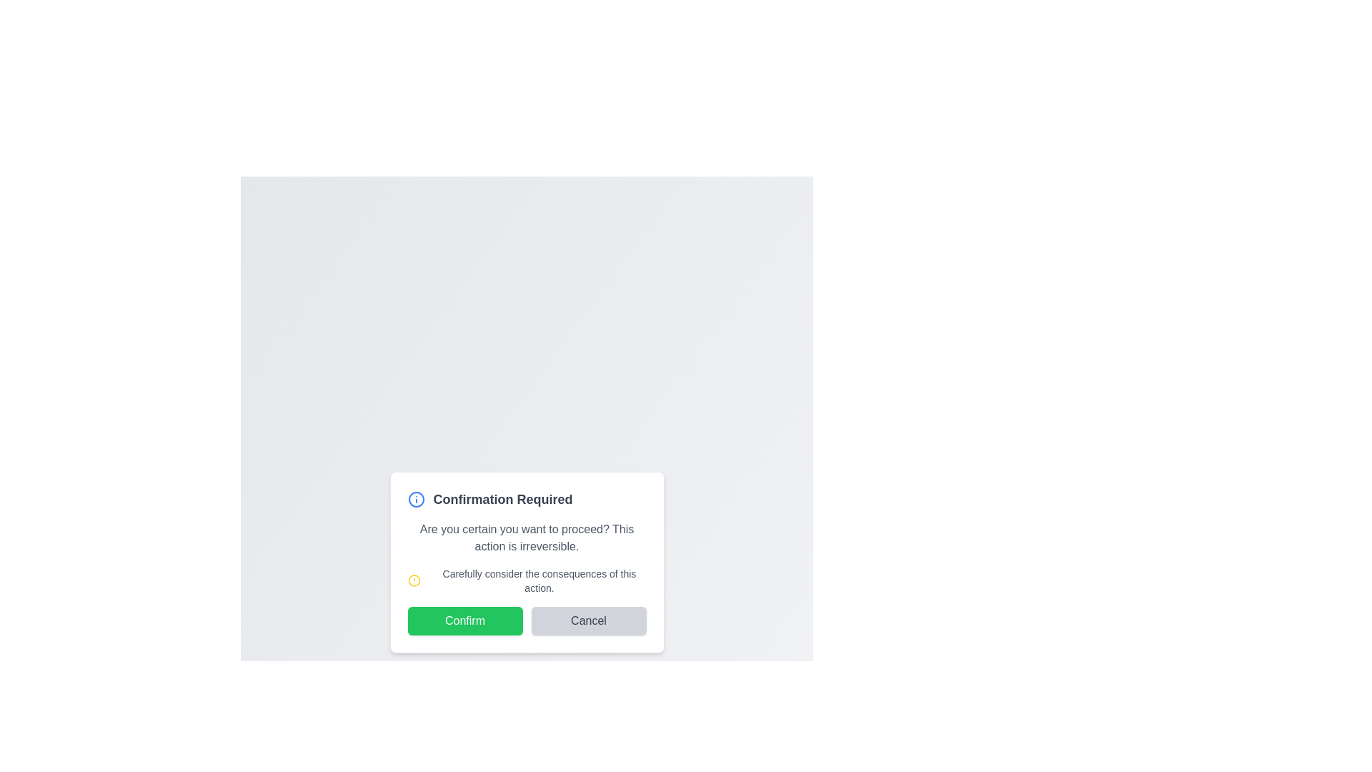 Image resolution: width=1372 pixels, height=772 pixels. Describe the element at coordinates (465, 620) in the screenshot. I see `the 'Confirm' button with a green background and white text to confirm the action` at that location.